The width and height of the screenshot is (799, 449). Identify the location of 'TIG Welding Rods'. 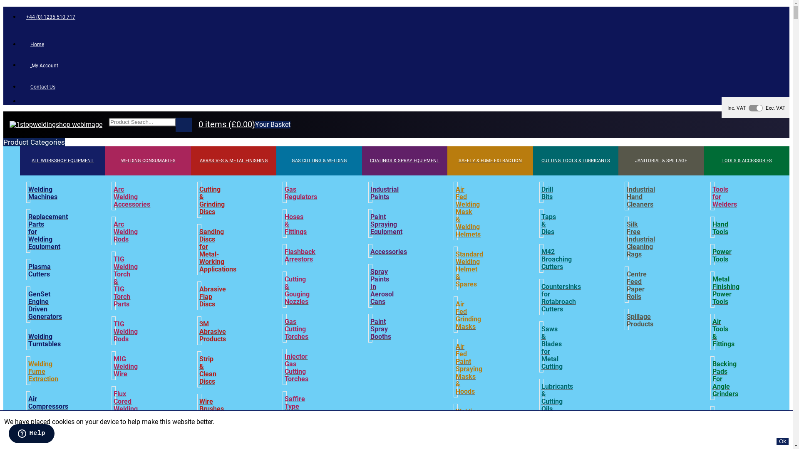
(125, 331).